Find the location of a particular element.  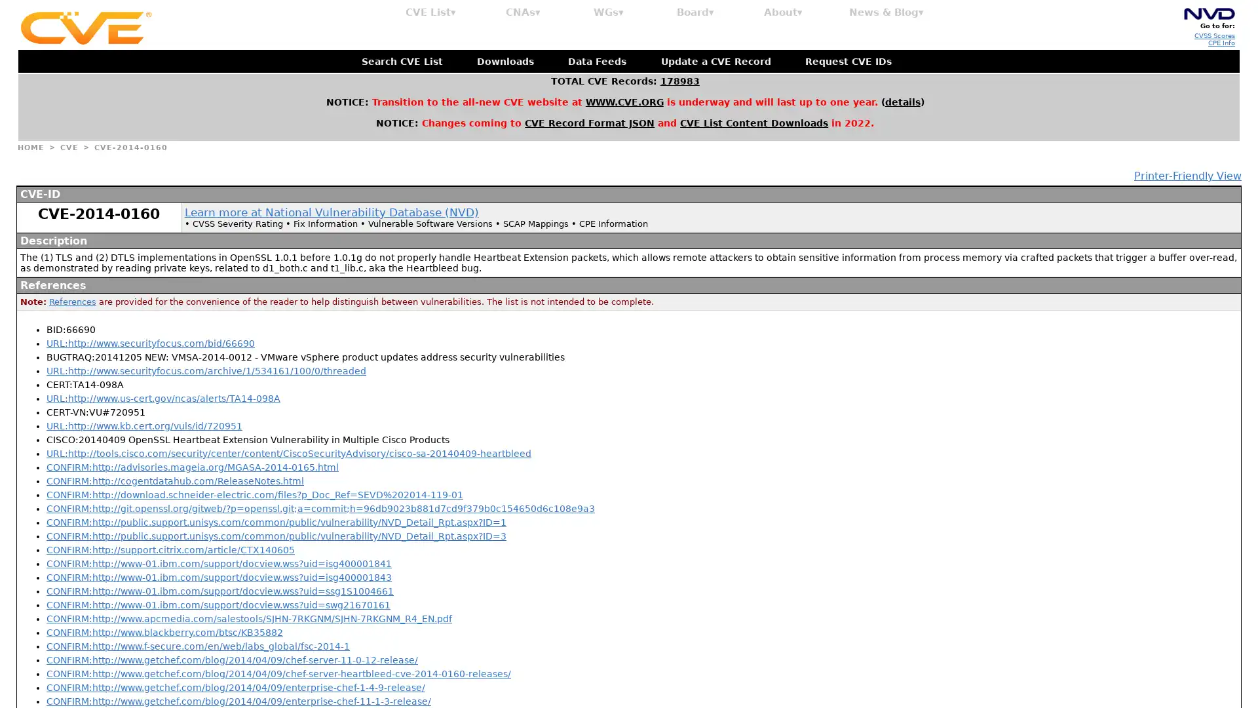

About is located at coordinates (783, 12).